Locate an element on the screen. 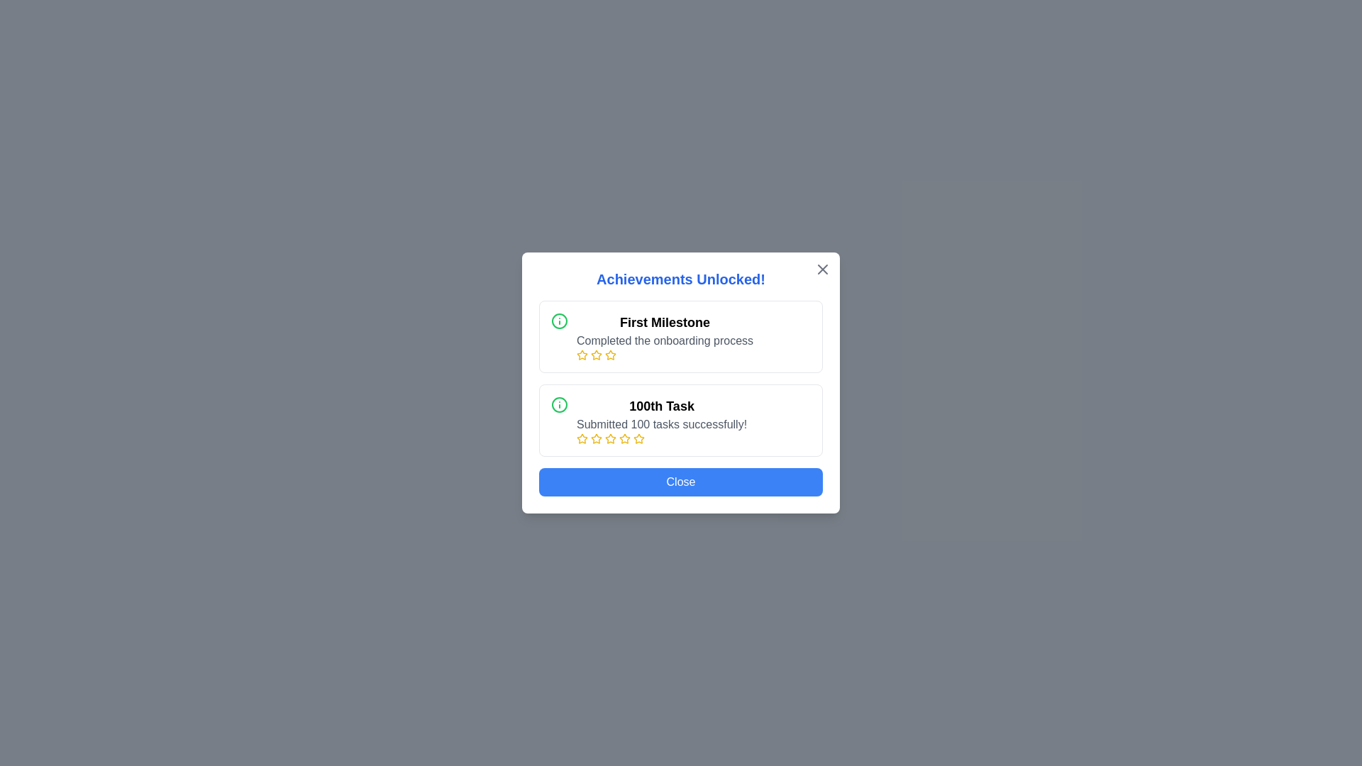 Image resolution: width=1362 pixels, height=766 pixels. the third star icon in the rating system under the '100th Task' subtitle is located at coordinates (582, 438).